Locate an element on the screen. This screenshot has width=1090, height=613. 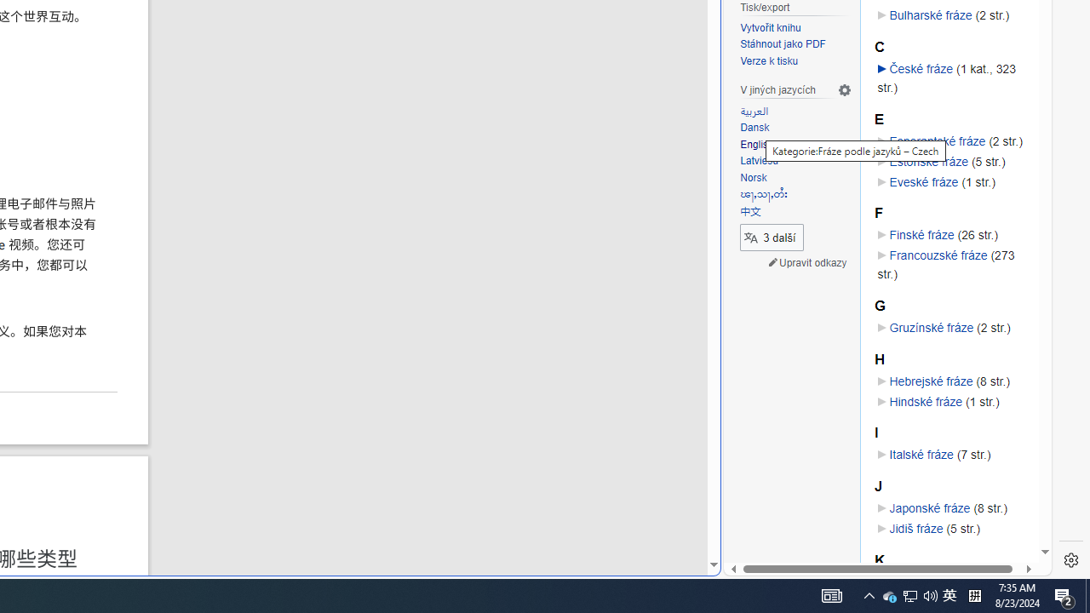
'Upravit odkazy' is located at coordinates (806, 263).